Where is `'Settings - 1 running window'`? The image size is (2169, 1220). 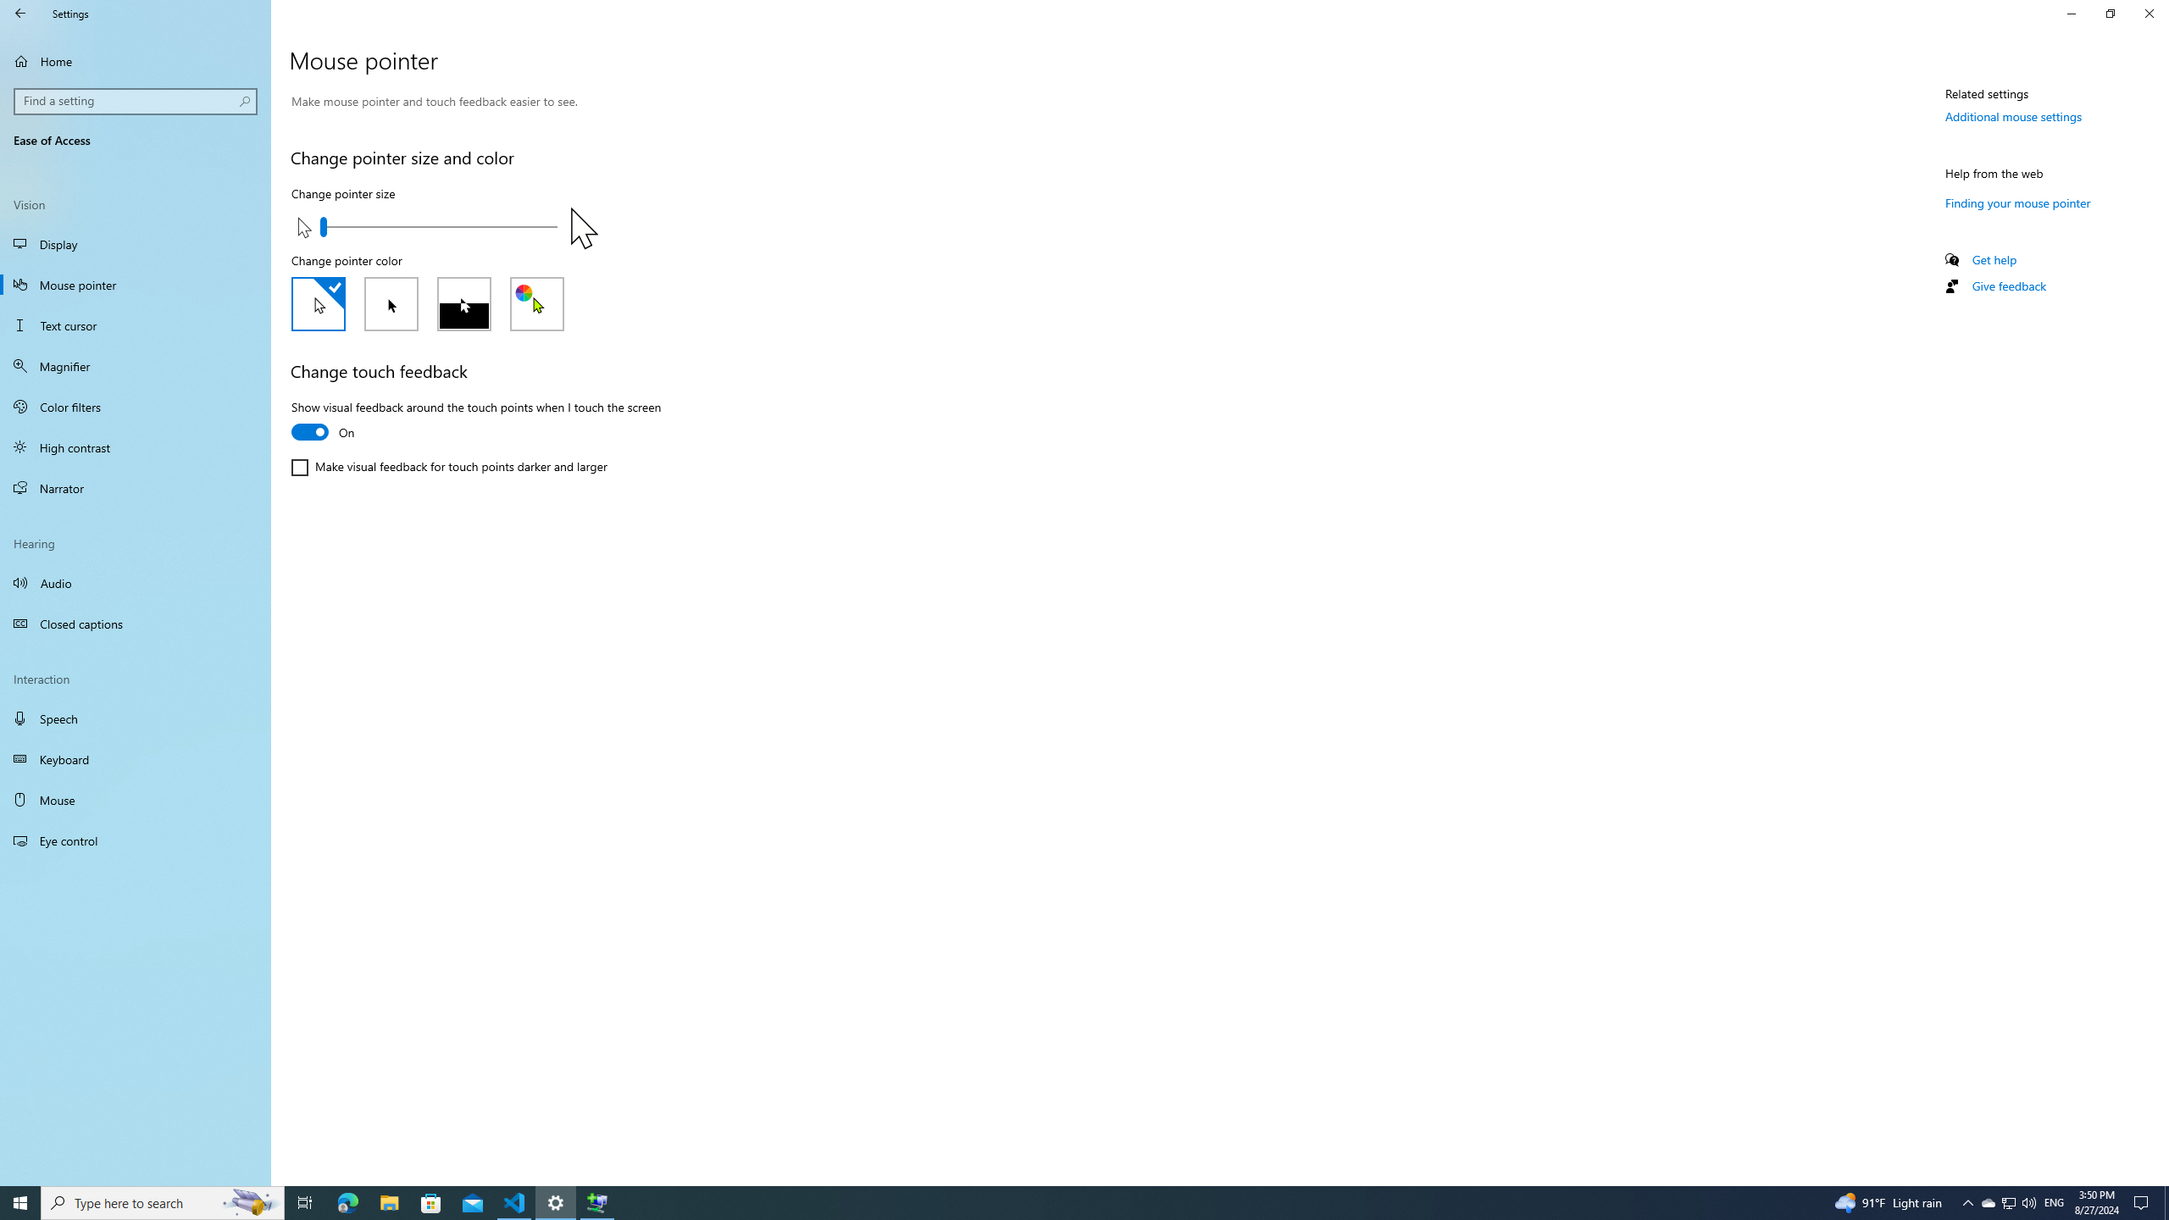 'Settings - 1 running window' is located at coordinates (556, 1201).